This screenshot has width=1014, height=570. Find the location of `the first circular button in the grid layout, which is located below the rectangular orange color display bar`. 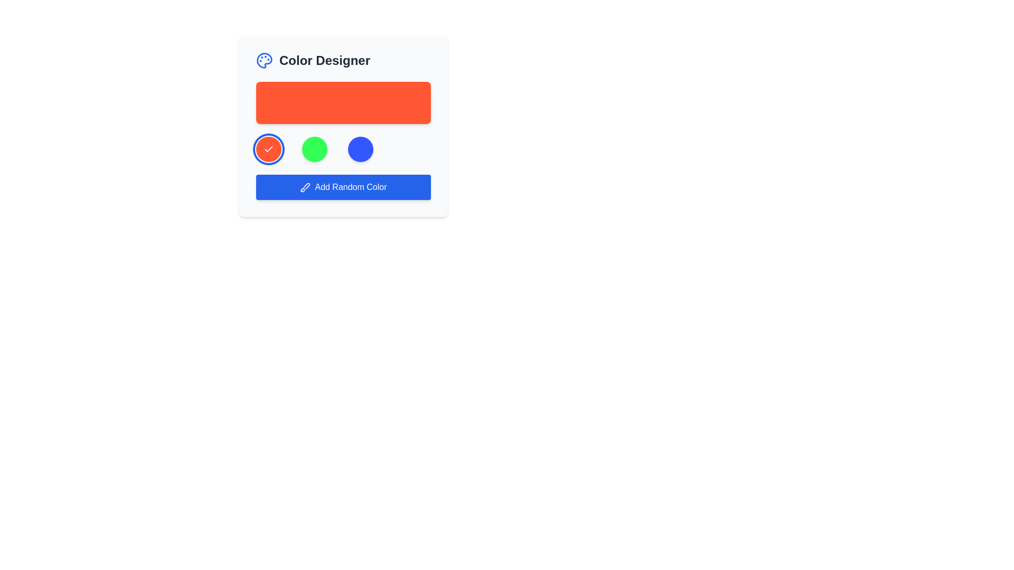

the first circular button in the grid layout, which is located below the rectangular orange color display bar is located at coordinates (268, 149).